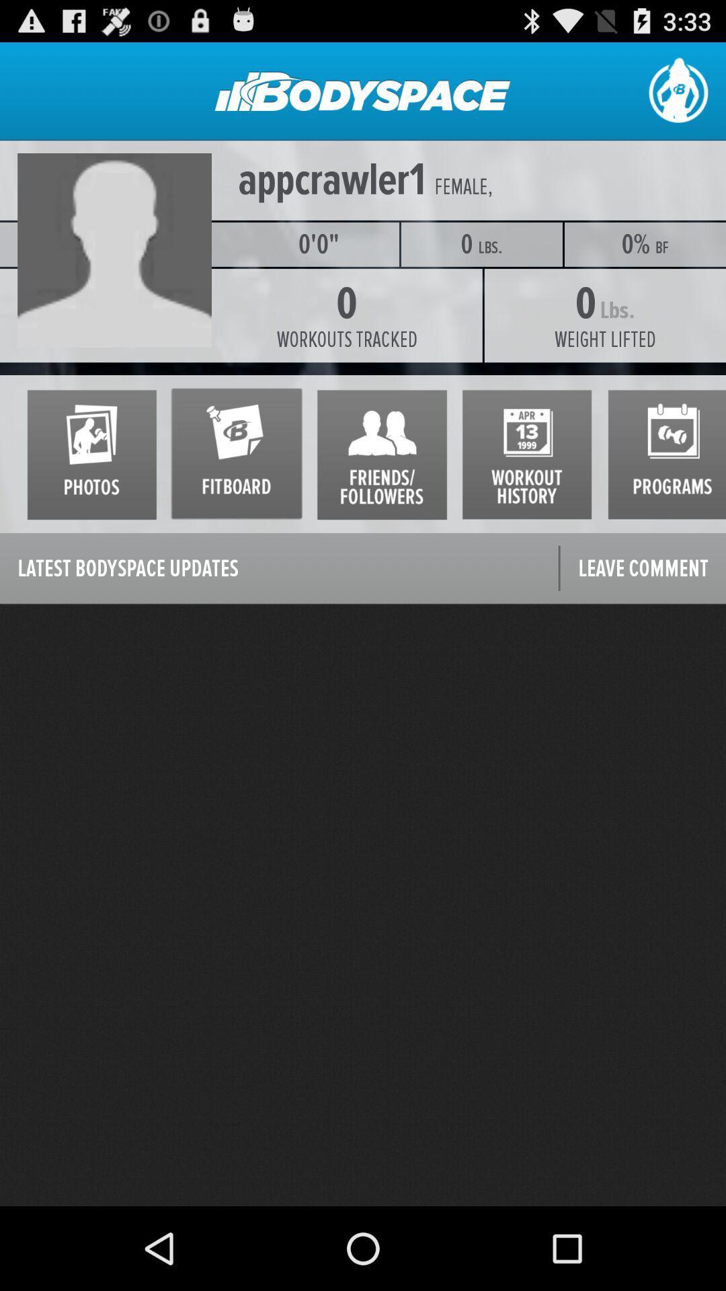 Image resolution: width=726 pixels, height=1291 pixels. What do you see at coordinates (331, 180) in the screenshot?
I see `the item next to female` at bounding box center [331, 180].